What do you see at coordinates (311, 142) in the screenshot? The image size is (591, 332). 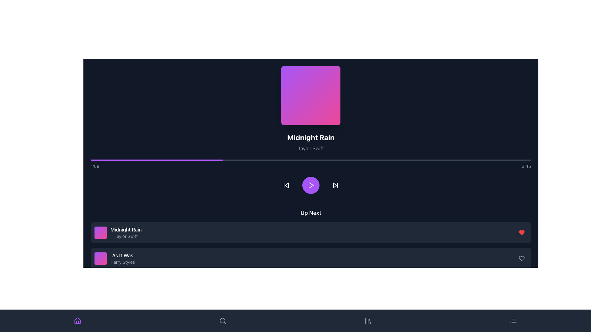 I see `the text display showing the song title 'Midnight Rain' by 'Taylor Swift', which is centrally aligned below the album cover image and above the progress bar` at bounding box center [311, 142].